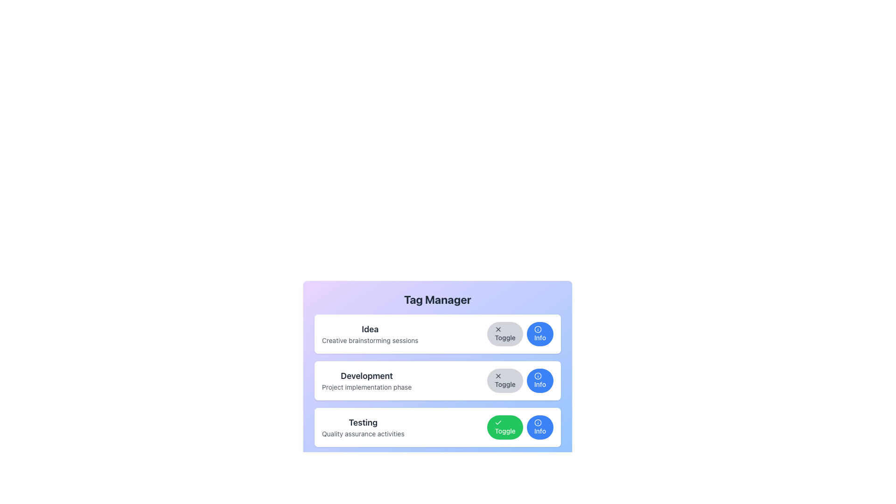  What do you see at coordinates (538, 329) in the screenshot?
I see `the circular base of the 'info' icon in the 'Idea' category` at bounding box center [538, 329].